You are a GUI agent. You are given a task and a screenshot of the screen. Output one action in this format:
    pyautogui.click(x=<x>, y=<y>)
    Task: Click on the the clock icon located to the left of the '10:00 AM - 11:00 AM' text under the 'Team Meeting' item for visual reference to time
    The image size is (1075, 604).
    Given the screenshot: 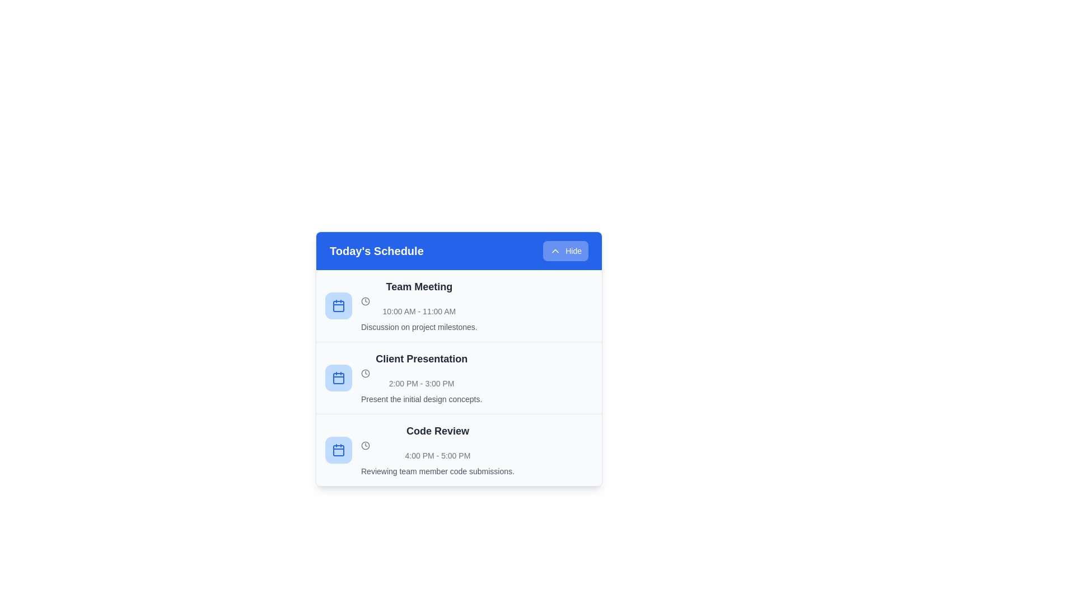 What is the action you would take?
    pyautogui.click(x=365, y=301)
    